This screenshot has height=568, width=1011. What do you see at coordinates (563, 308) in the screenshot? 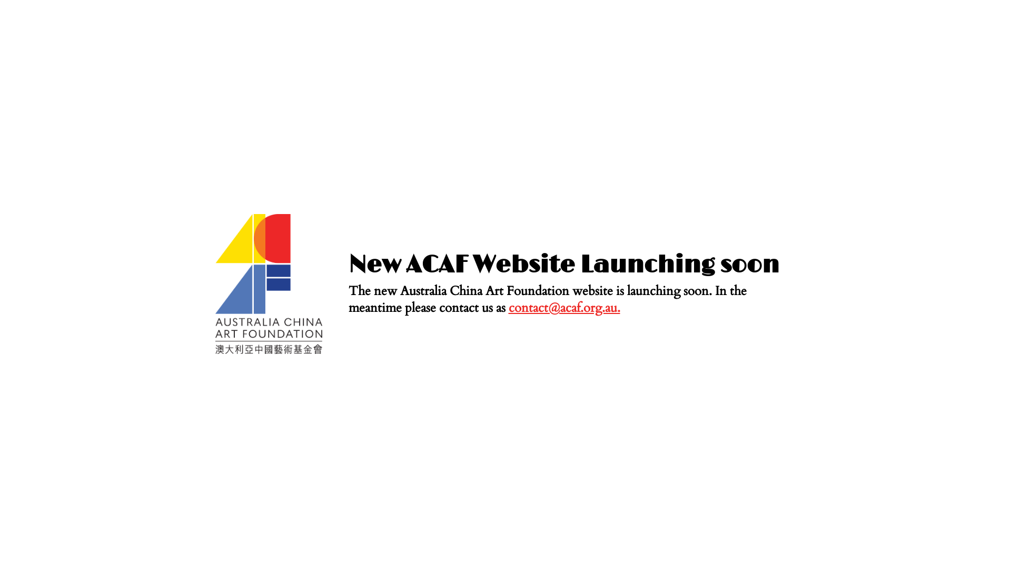
I see `'contact@acaf.org.au.'` at bounding box center [563, 308].